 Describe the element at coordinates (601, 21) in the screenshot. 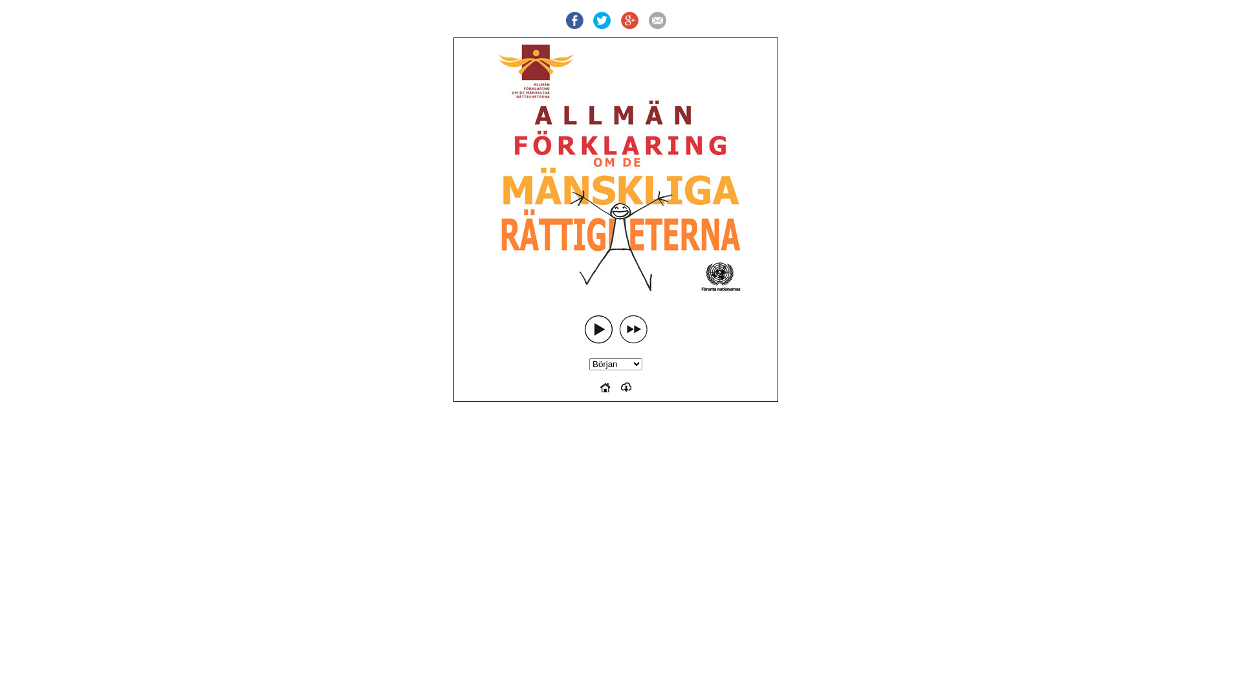

I see `'Twitter'` at that location.